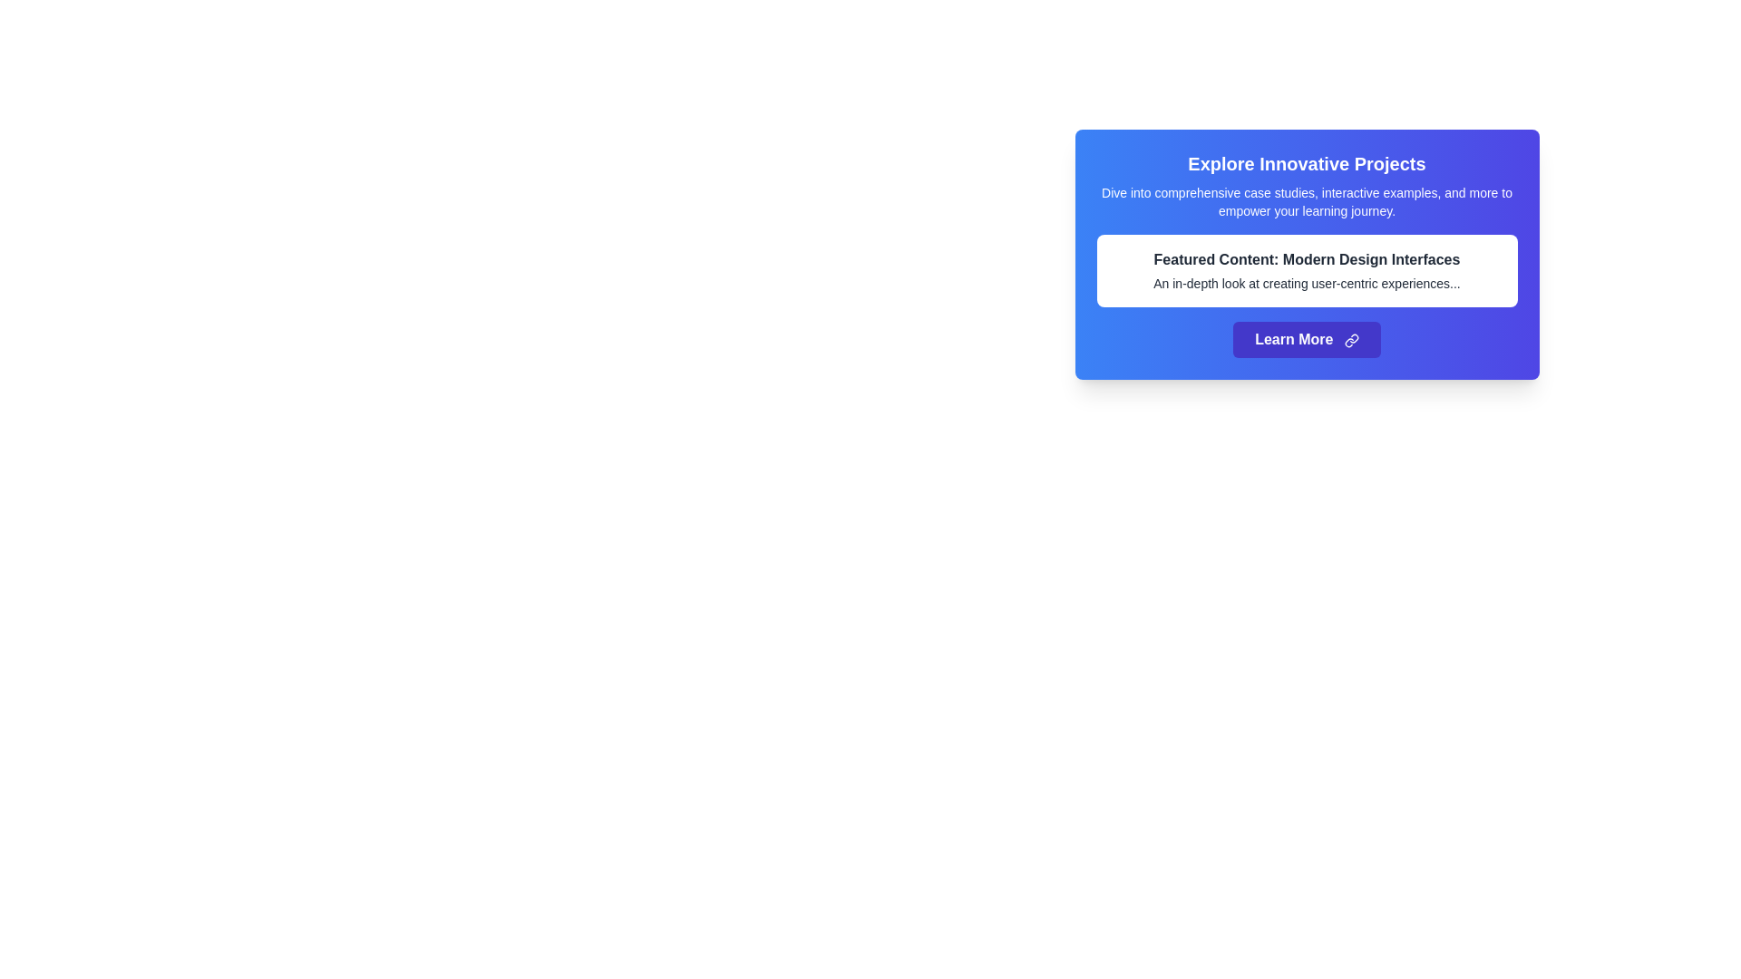 The width and height of the screenshot is (1741, 979). I want to click on the heading text that serves as the primary content descriptor for the card, located at the top-center of the card component with a gradient blue background, so click(1307, 259).